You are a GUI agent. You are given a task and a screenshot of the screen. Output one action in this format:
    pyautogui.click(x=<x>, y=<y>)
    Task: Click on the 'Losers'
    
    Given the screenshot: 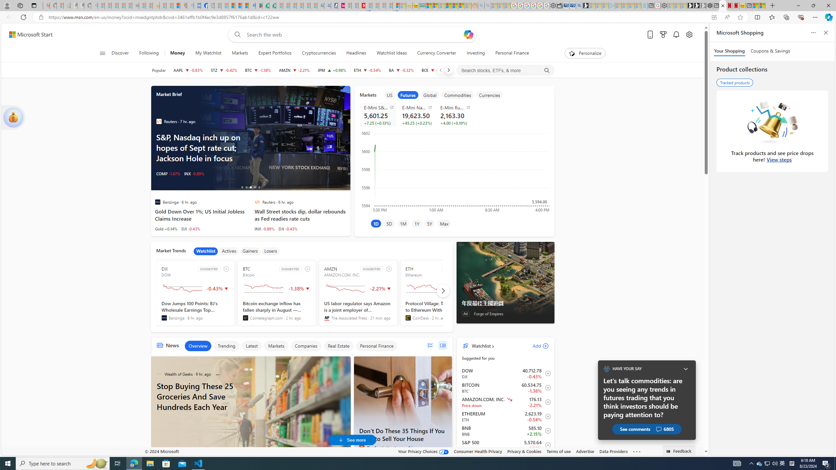 What is the action you would take?
    pyautogui.click(x=270, y=251)
    